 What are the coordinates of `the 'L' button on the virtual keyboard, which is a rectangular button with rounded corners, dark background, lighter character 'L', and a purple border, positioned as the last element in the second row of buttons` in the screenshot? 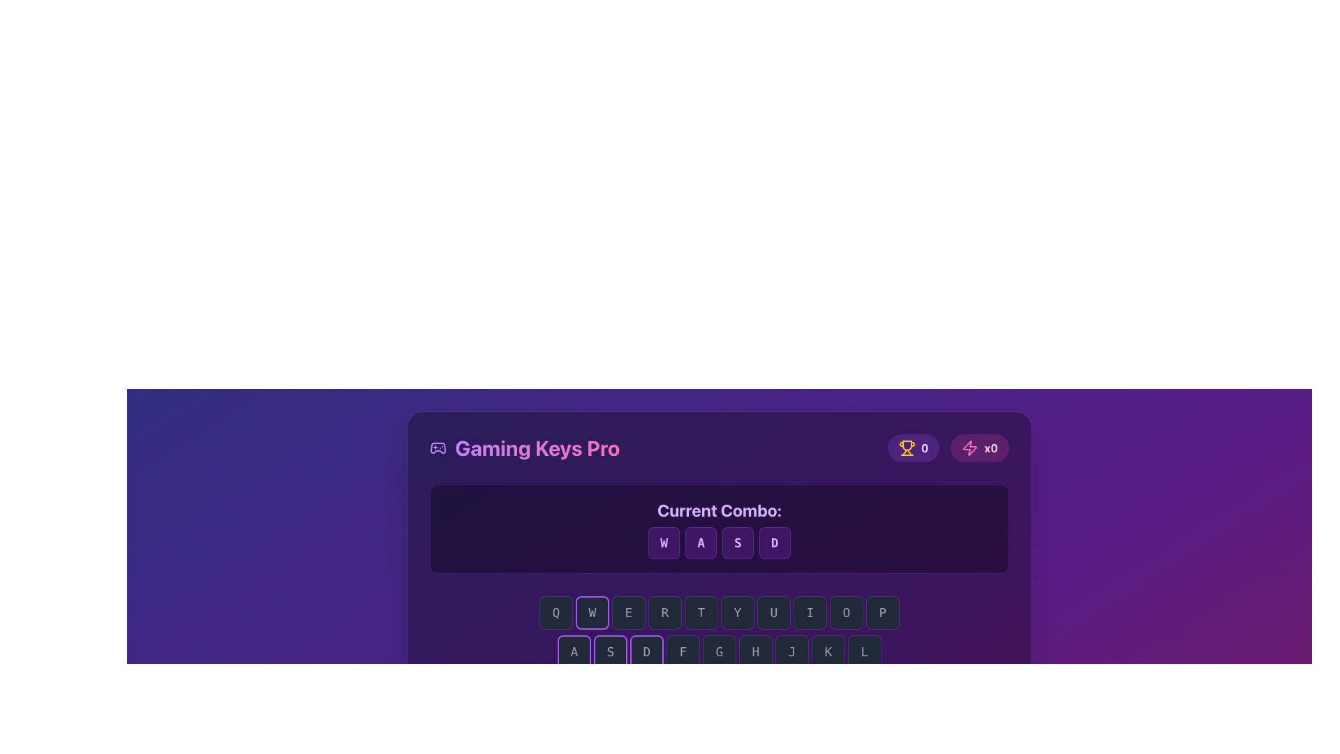 It's located at (863, 651).